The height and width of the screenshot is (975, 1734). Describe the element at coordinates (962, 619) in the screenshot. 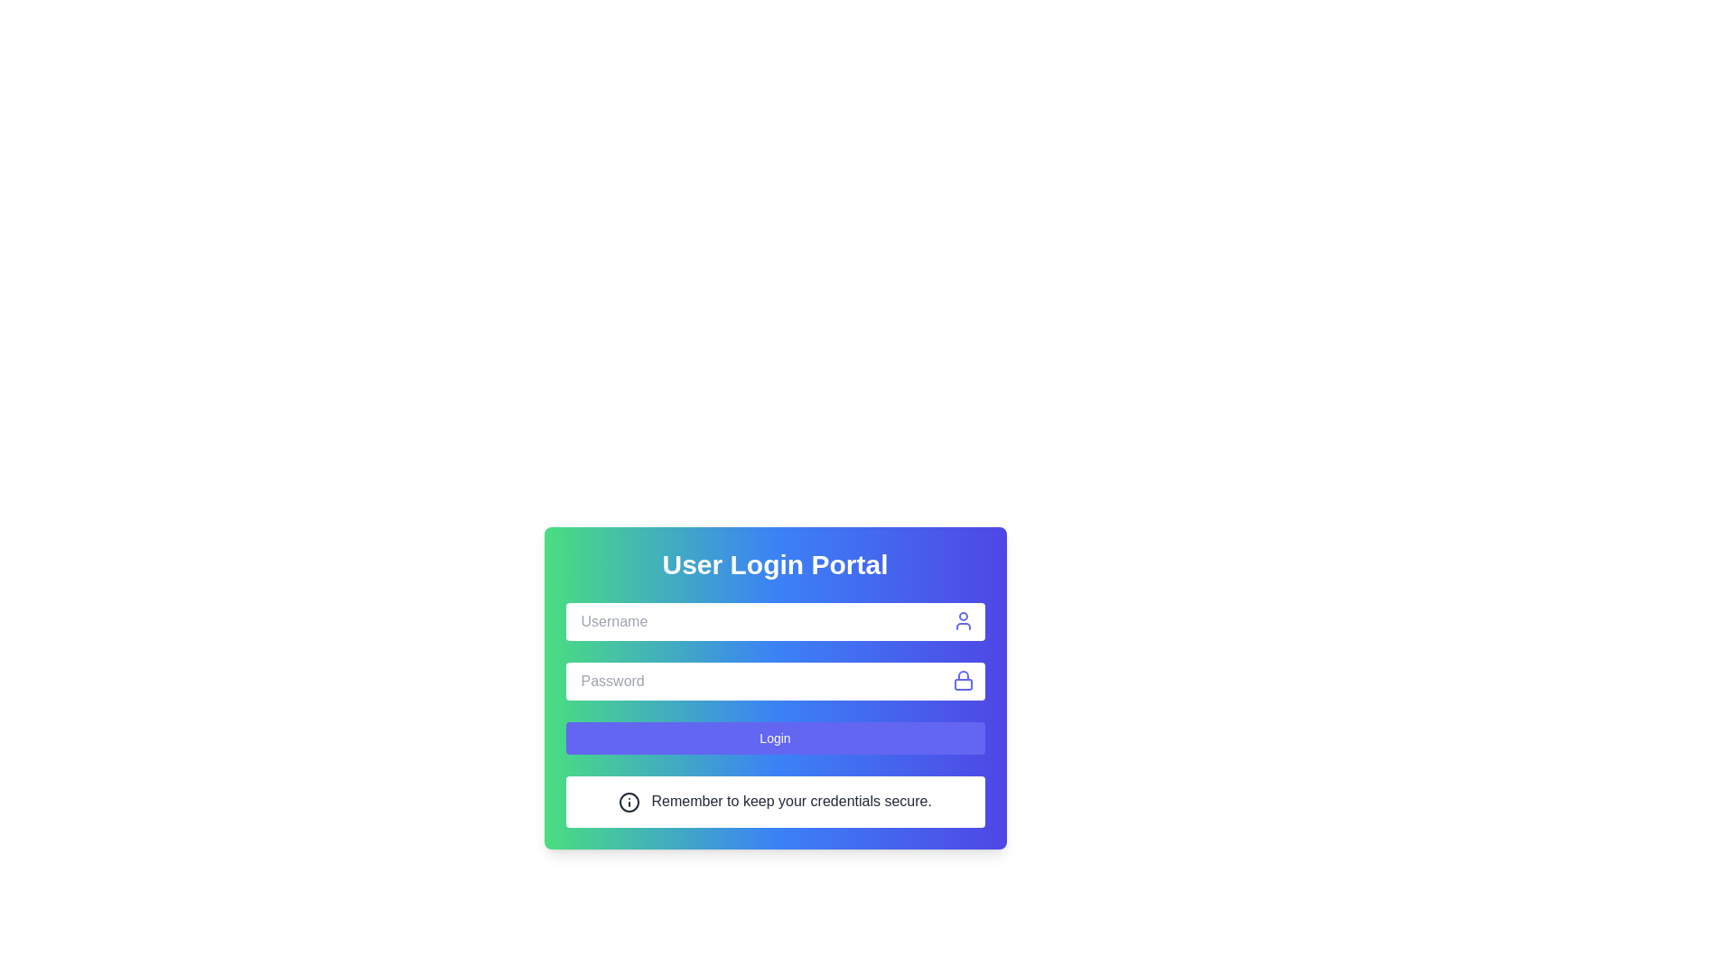

I see `the indigo user icon, which is a circular head and shoulders silhouette located at the top-right corner of the username input field` at that location.